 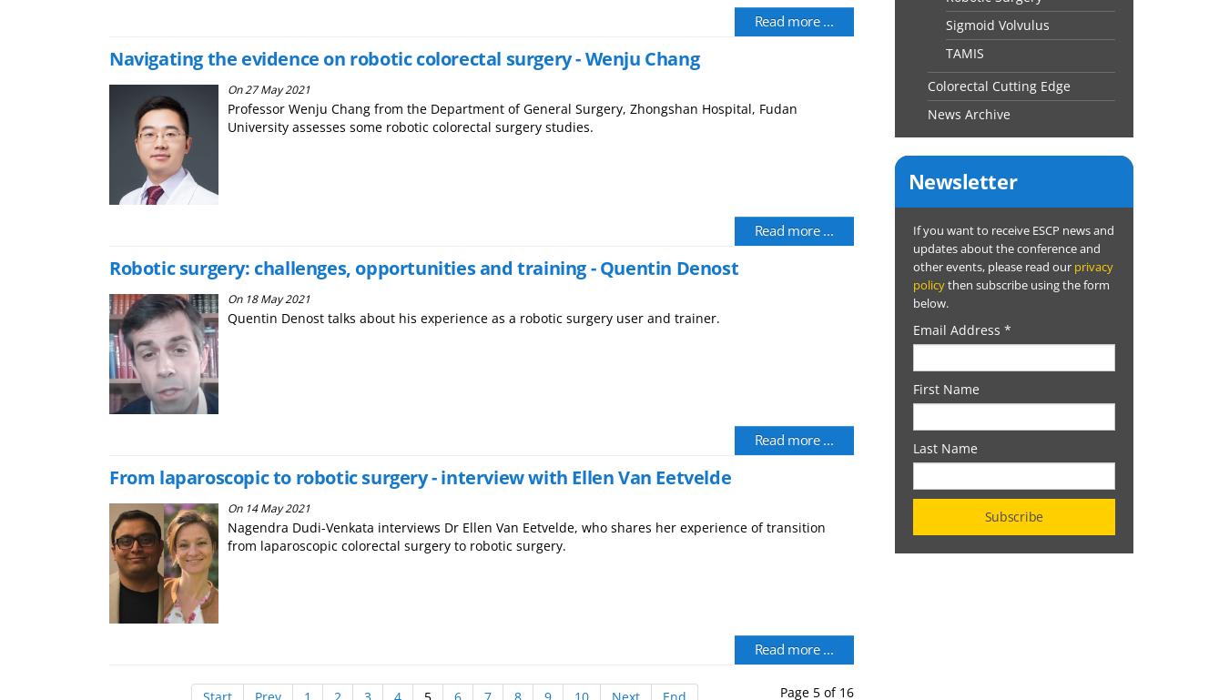 What do you see at coordinates (945, 53) in the screenshot?
I see `'TAMIS'` at bounding box center [945, 53].